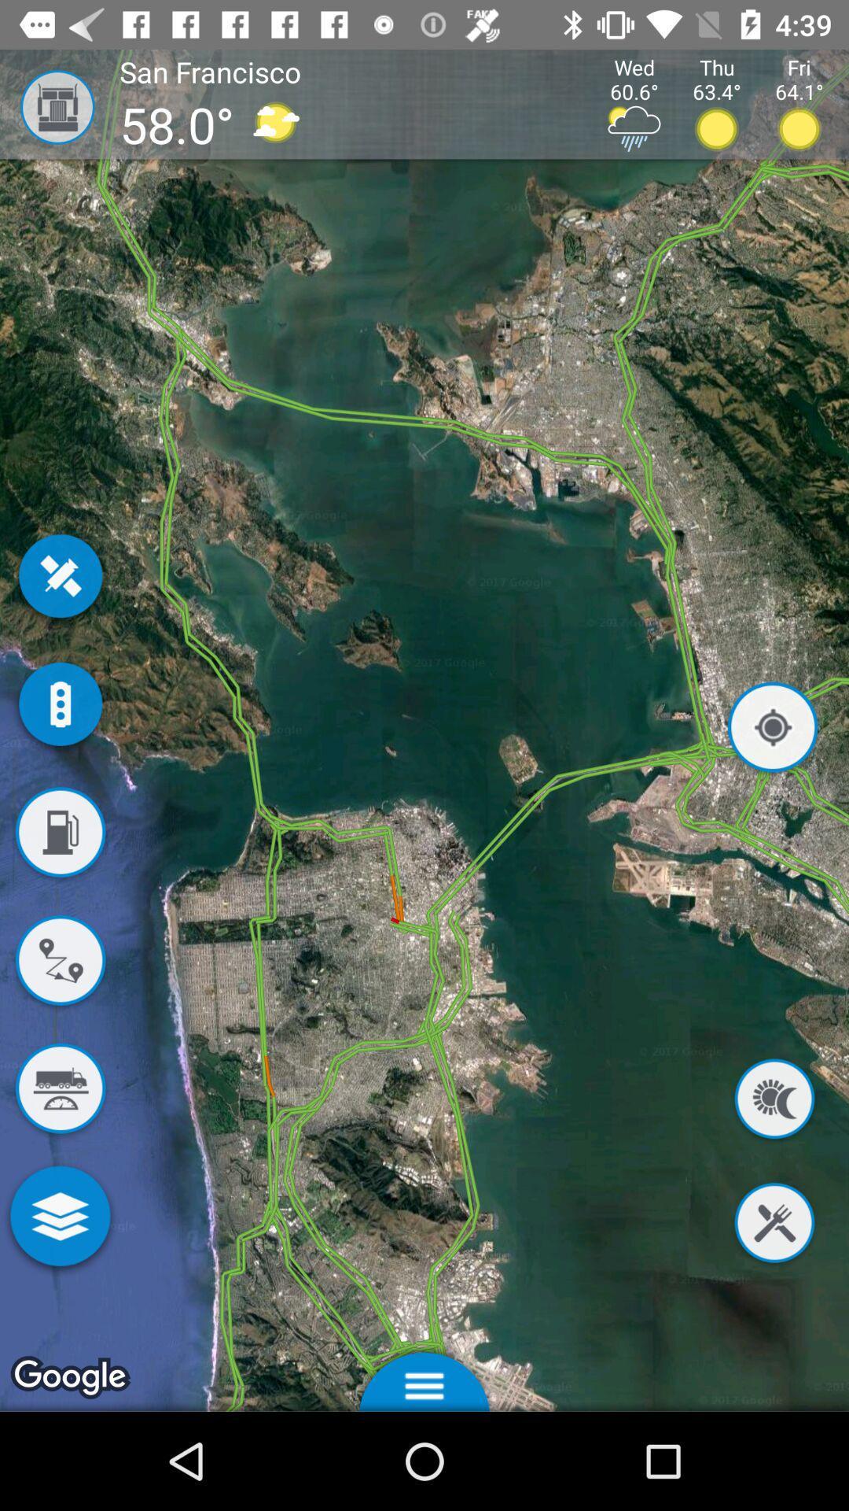 This screenshot has width=849, height=1511. Describe the element at coordinates (772, 730) in the screenshot. I see `icon on the right` at that location.